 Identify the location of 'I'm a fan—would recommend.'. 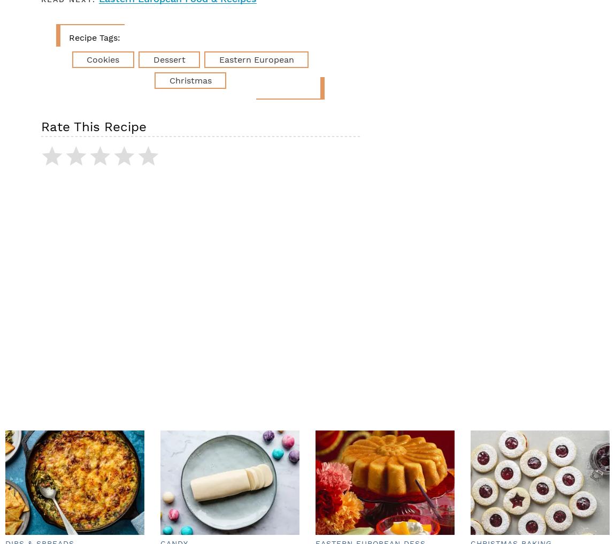
(230, 163).